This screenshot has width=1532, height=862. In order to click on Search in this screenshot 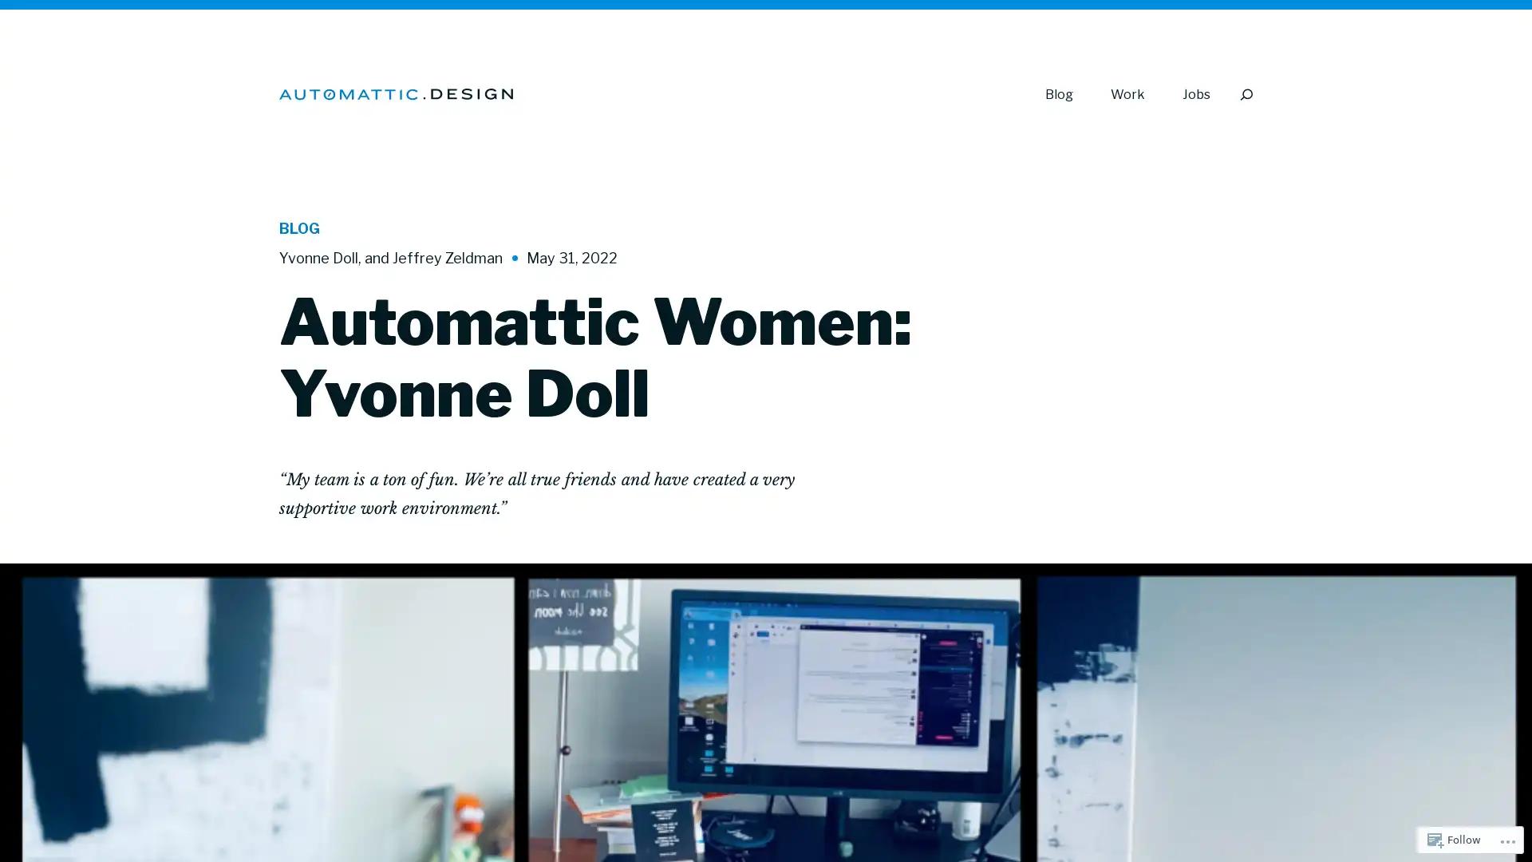, I will do `click(1245, 94)`.